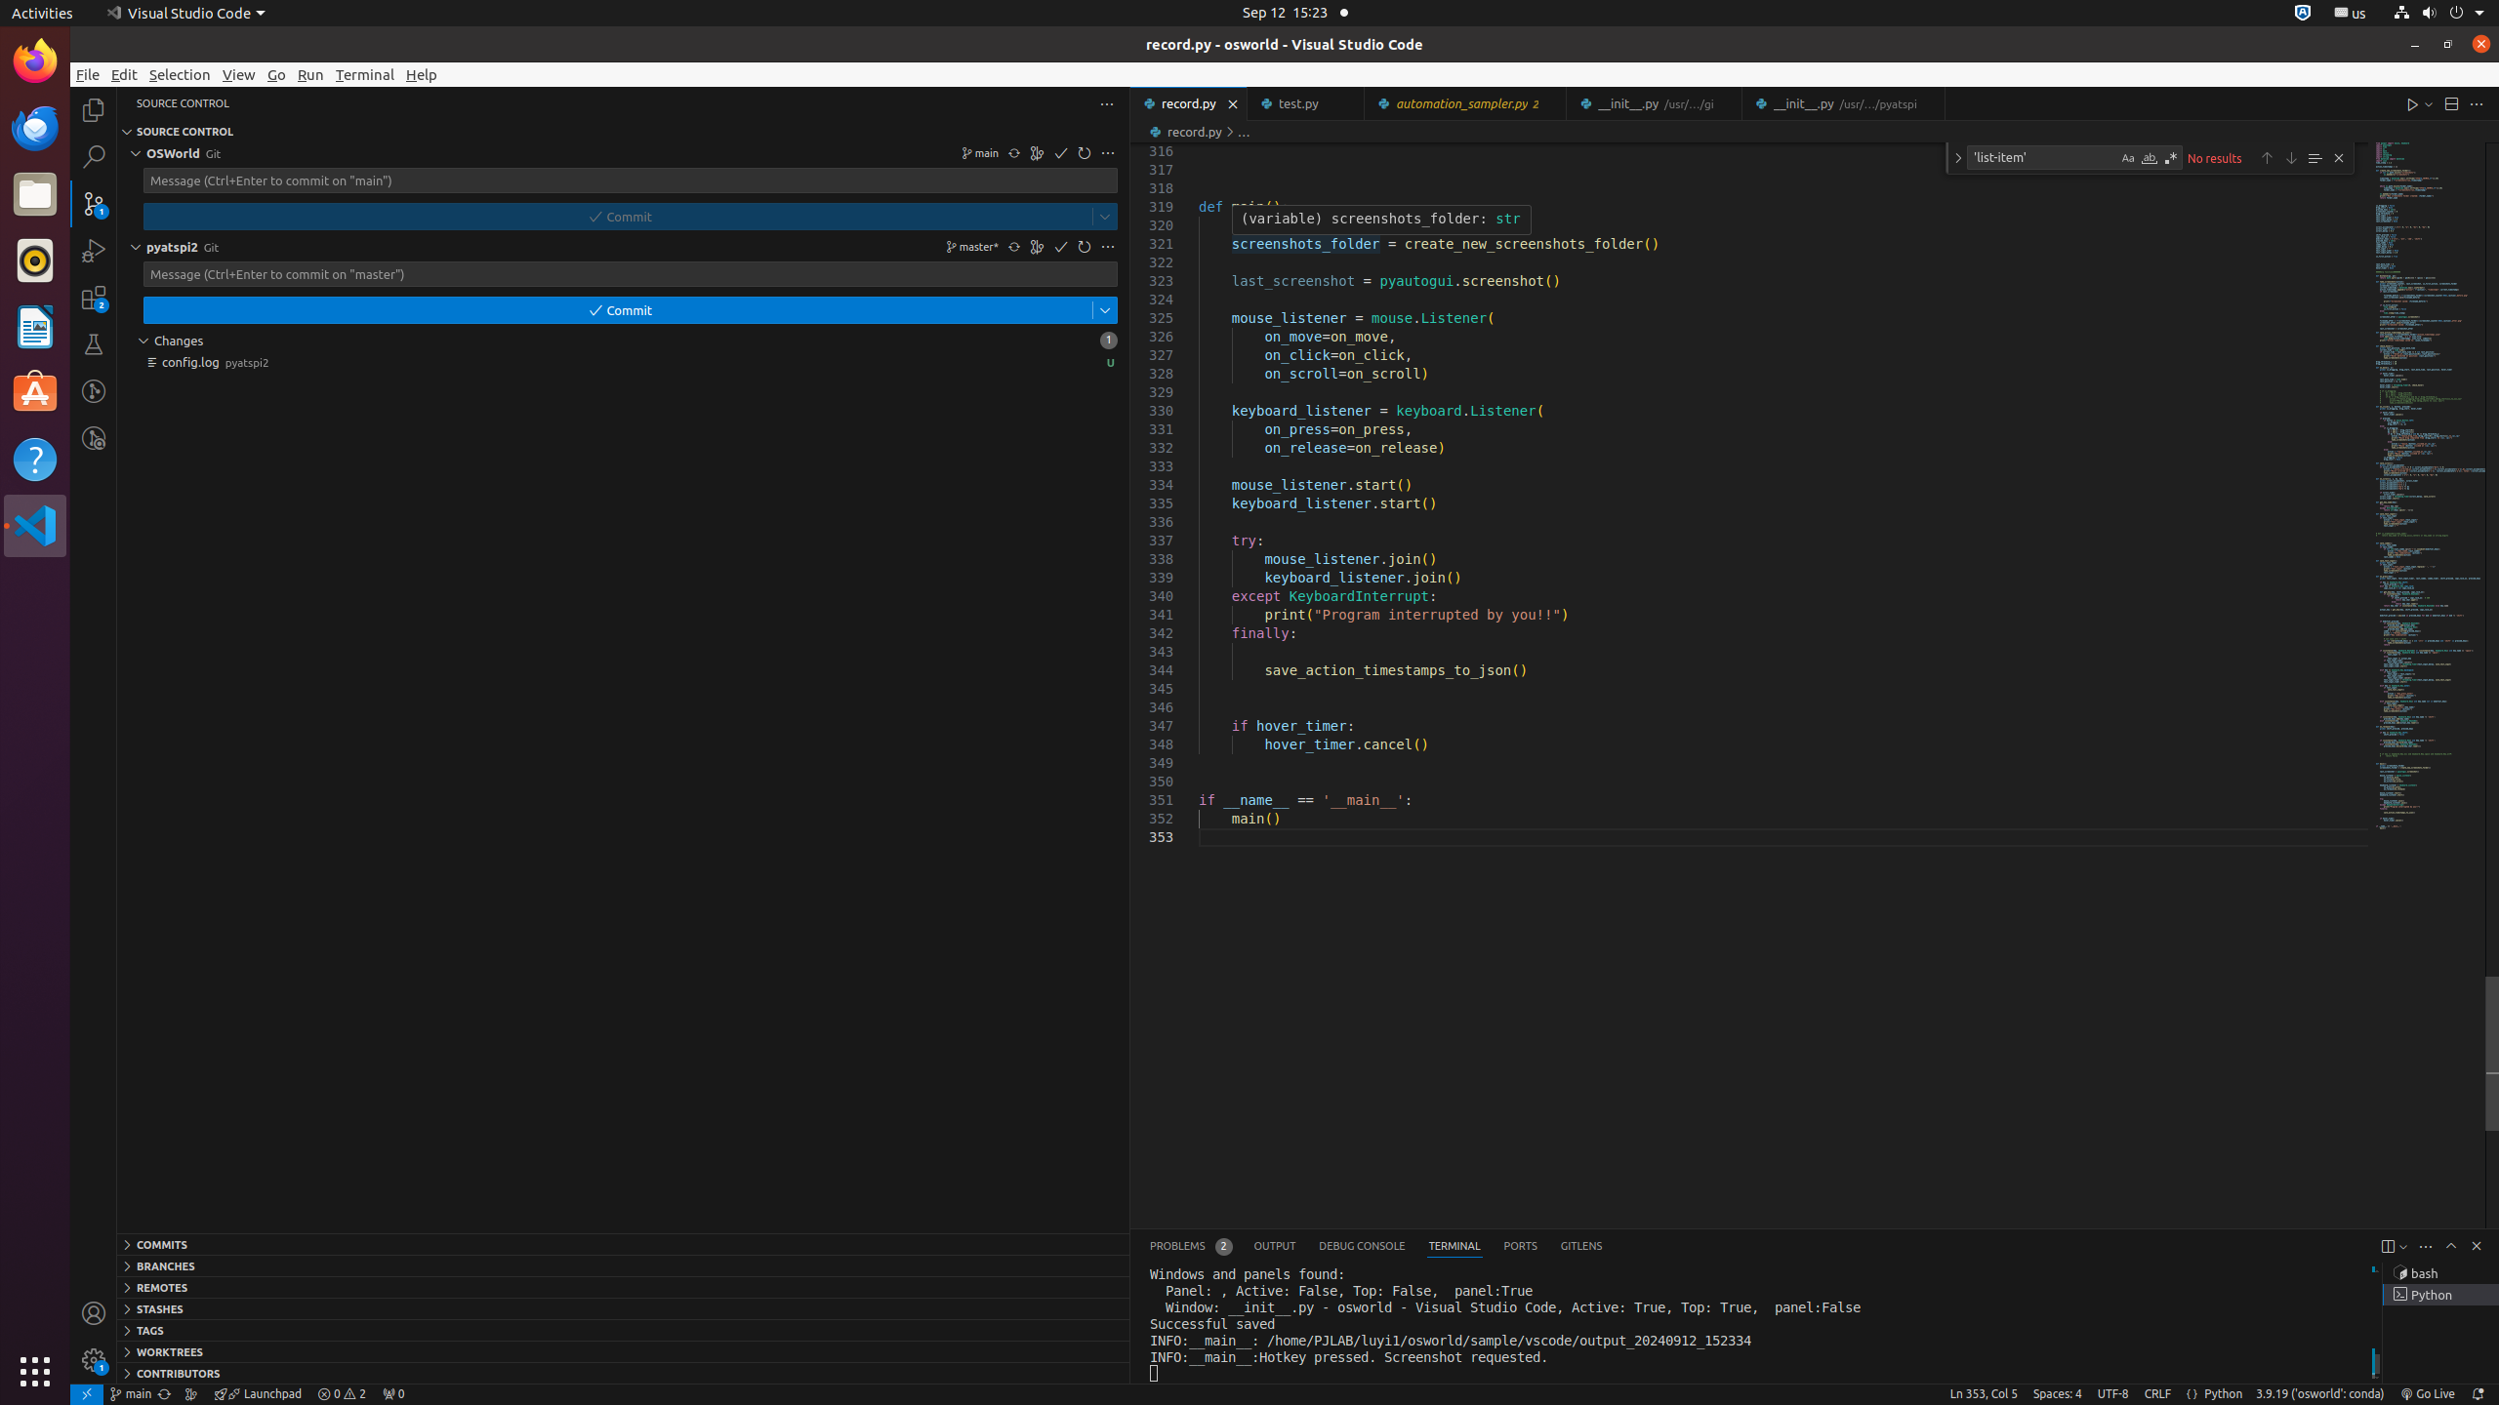 Image resolution: width=2499 pixels, height=1405 pixels. What do you see at coordinates (2128, 157) in the screenshot?
I see `'Match Case (Alt+C)'` at bounding box center [2128, 157].